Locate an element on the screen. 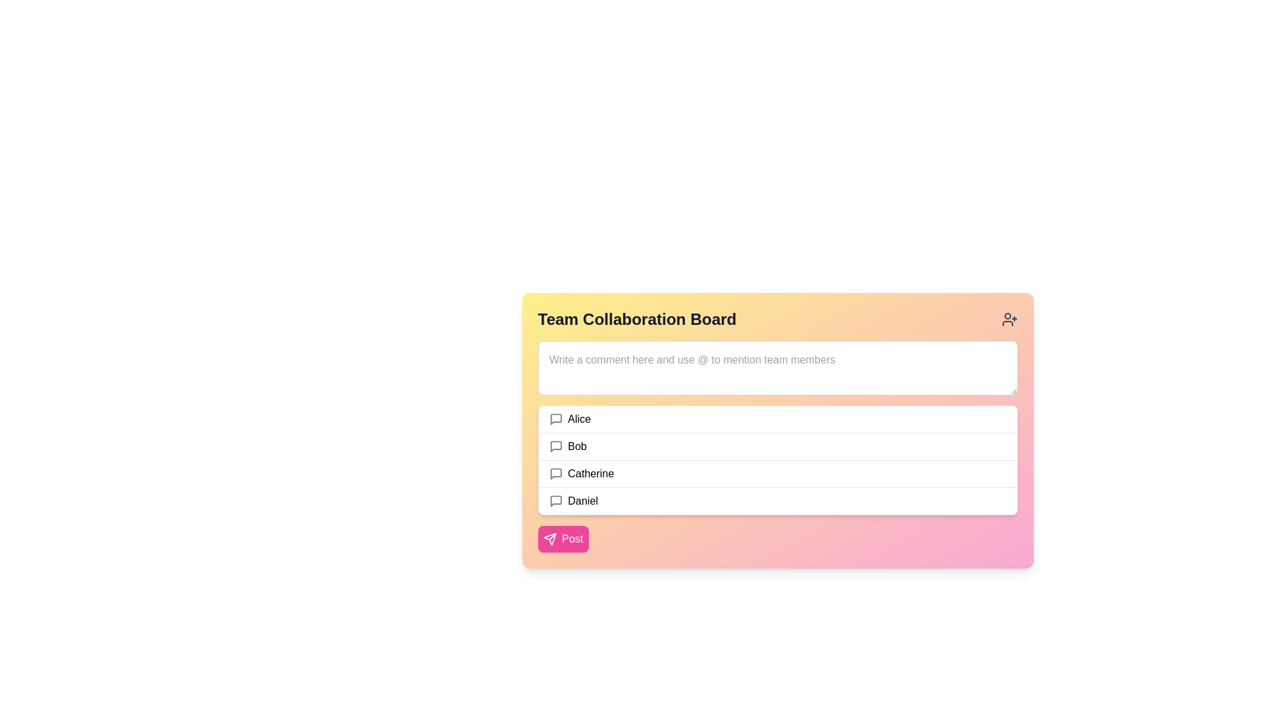  the message icon associated with user 'Alice' to interact with the messaging functionality is located at coordinates (556, 418).